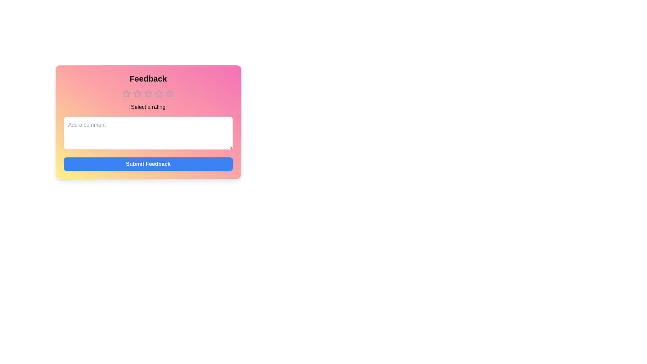 The width and height of the screenshot is (647, 364). I want to click on the star corresponding to 2 to see its description, so click(137, 93).